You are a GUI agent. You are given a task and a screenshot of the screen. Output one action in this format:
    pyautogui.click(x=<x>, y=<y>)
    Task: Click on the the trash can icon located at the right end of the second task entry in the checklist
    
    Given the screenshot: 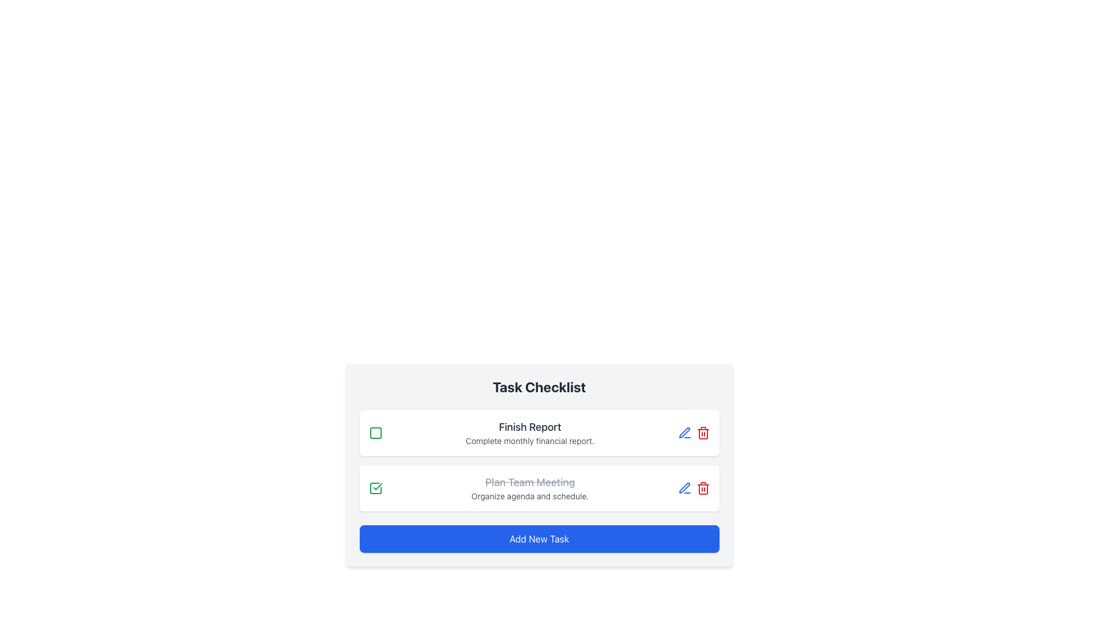 What is the action you would take?
    pyautogui.click(x=702, y=488)
    